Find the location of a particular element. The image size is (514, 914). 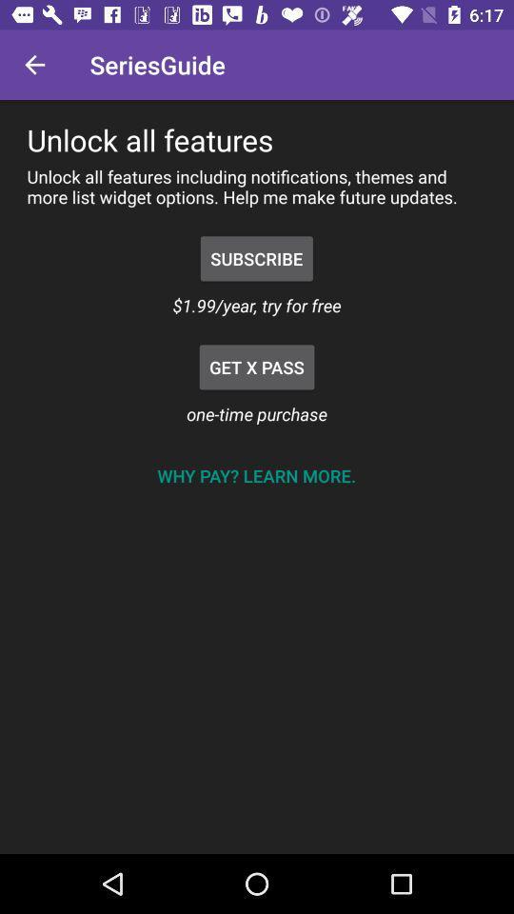

the icon below one-time purchase item is located at coordinates (256, 474).